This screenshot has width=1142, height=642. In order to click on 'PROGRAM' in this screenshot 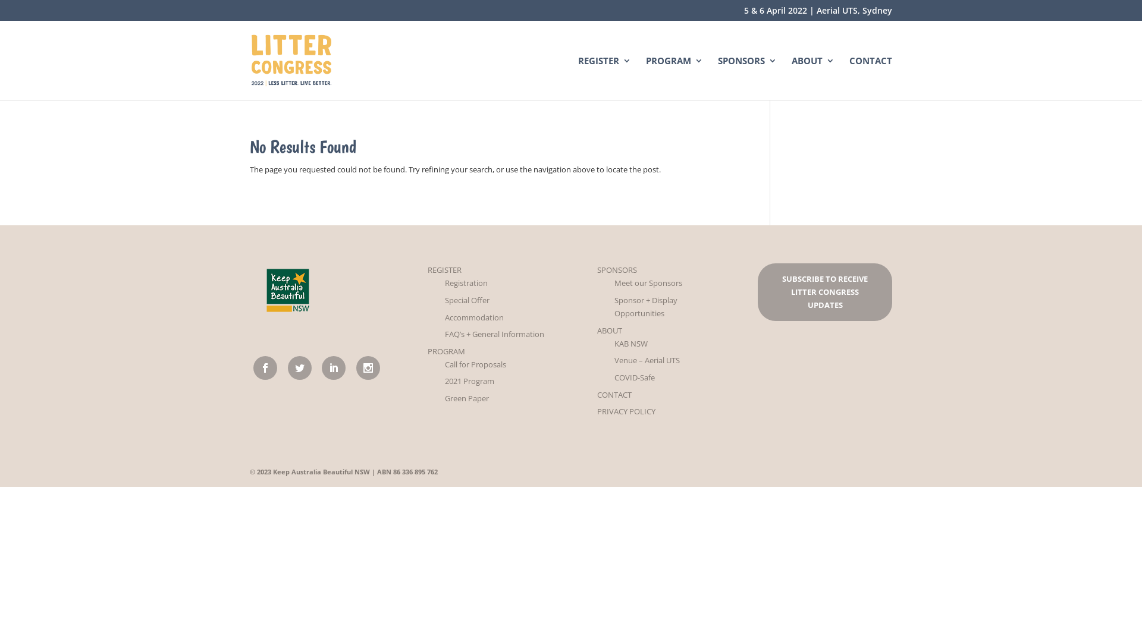, I will do `click(445, 350)`.